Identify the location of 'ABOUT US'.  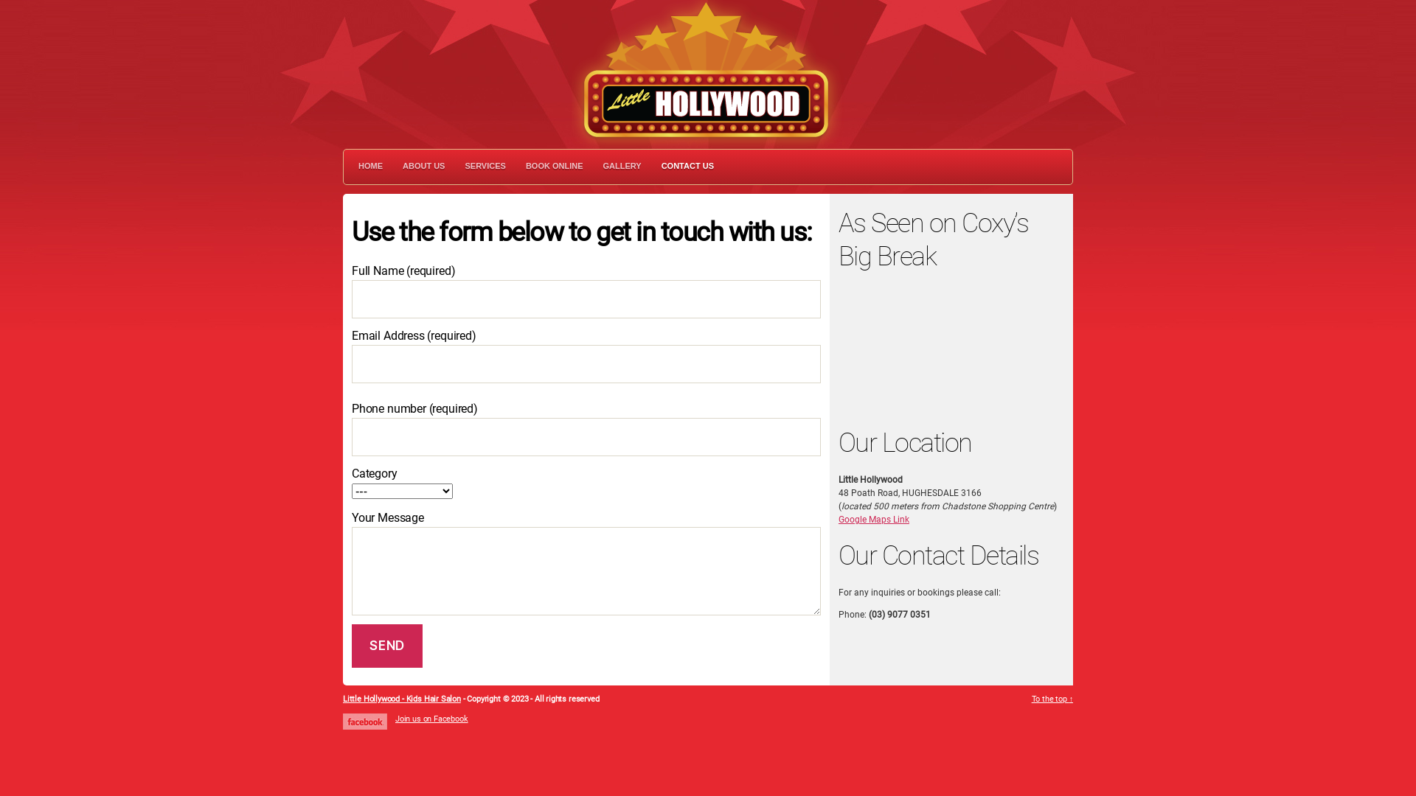
(403, 166).